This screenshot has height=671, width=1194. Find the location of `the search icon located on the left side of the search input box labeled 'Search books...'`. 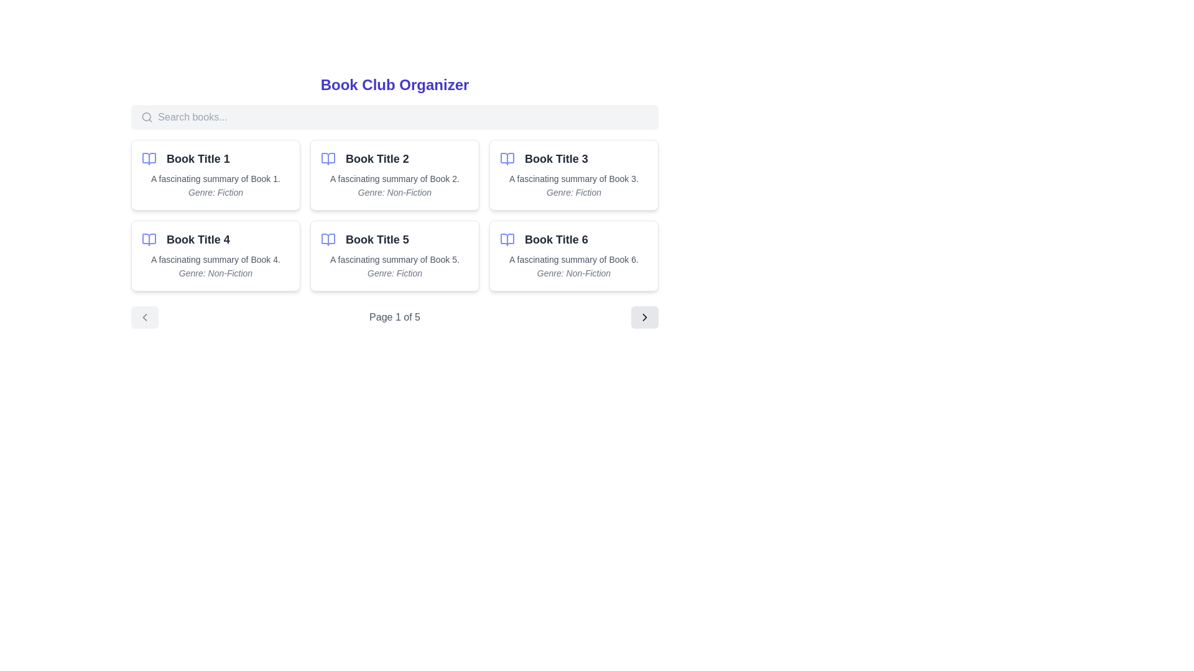

the search icon located on the left side of the search input box labeled 'Search books...' is located at coordinates (147, 117).